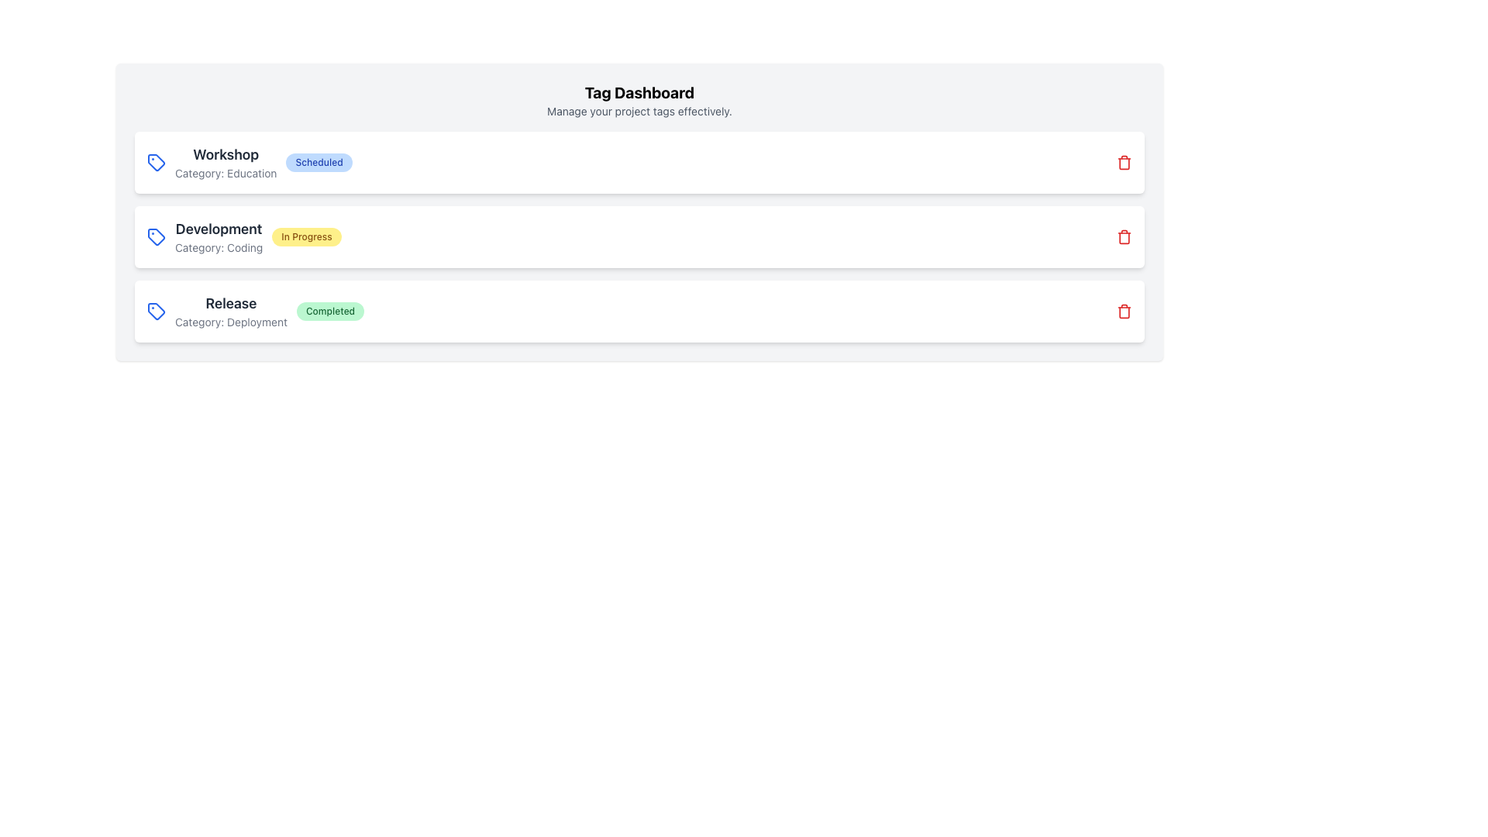  I want to click on the 'Release' text label, which is the first line of text in the third card of a vertical list layout, so click(230, 304).